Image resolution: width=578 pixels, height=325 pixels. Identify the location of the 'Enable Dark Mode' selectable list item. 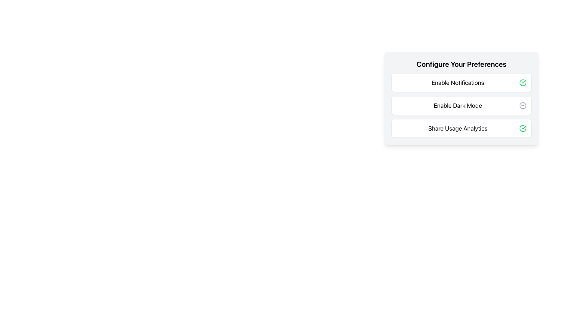
(461, 105).